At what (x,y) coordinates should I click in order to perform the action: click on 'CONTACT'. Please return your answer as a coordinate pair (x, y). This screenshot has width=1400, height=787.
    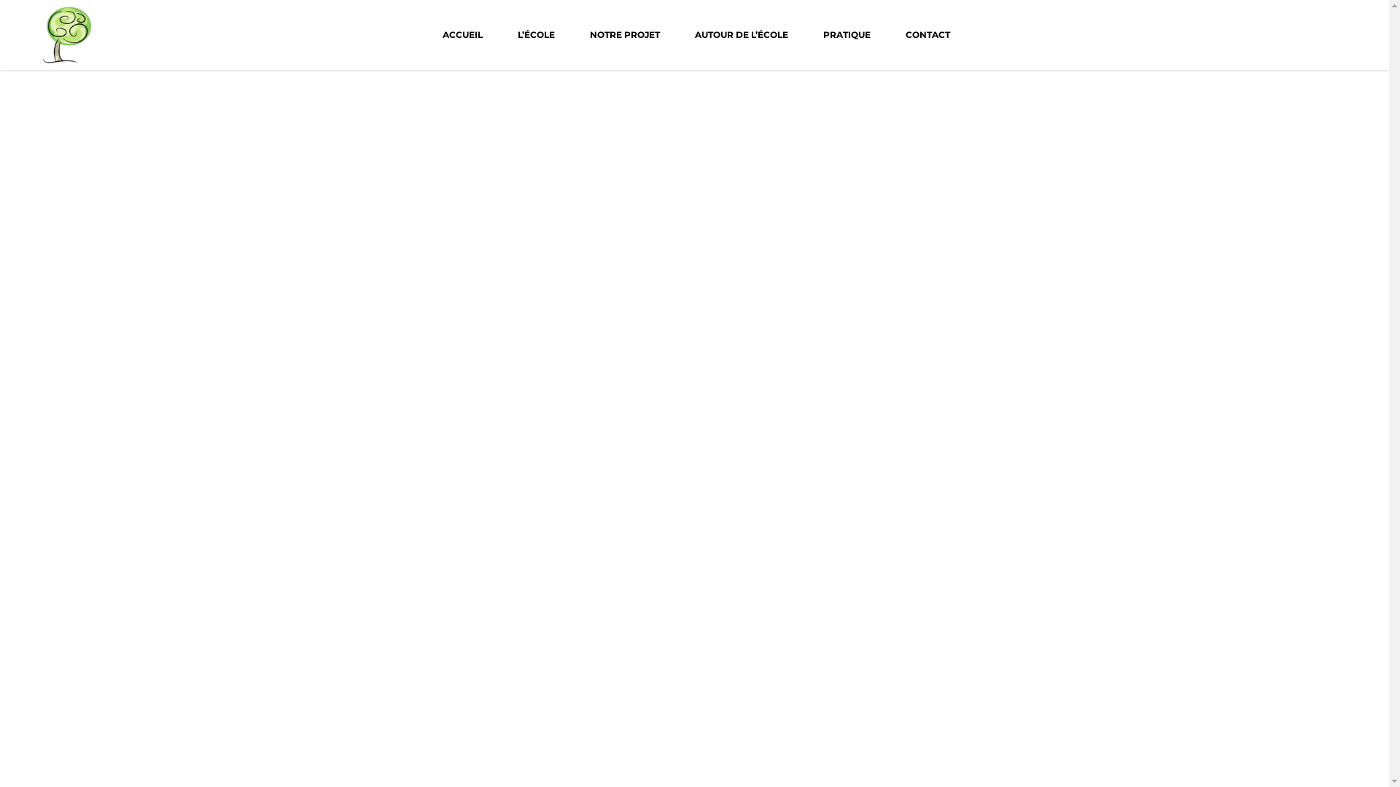
    Looking at the image, I should click on (887, 34).